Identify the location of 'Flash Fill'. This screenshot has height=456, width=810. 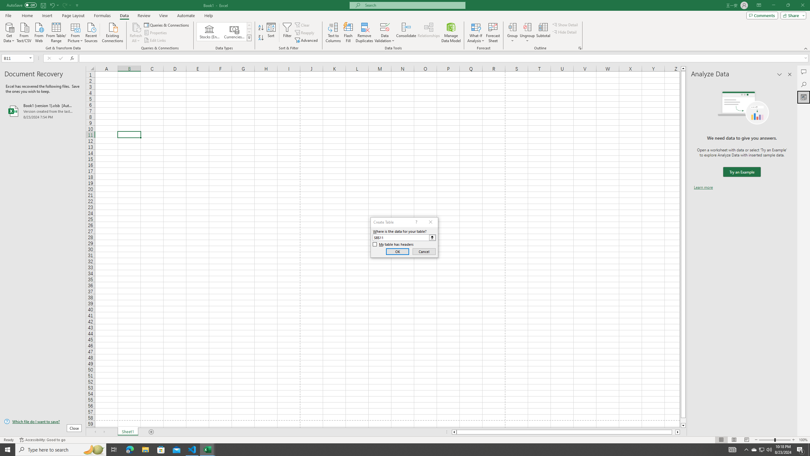
(348, 33).